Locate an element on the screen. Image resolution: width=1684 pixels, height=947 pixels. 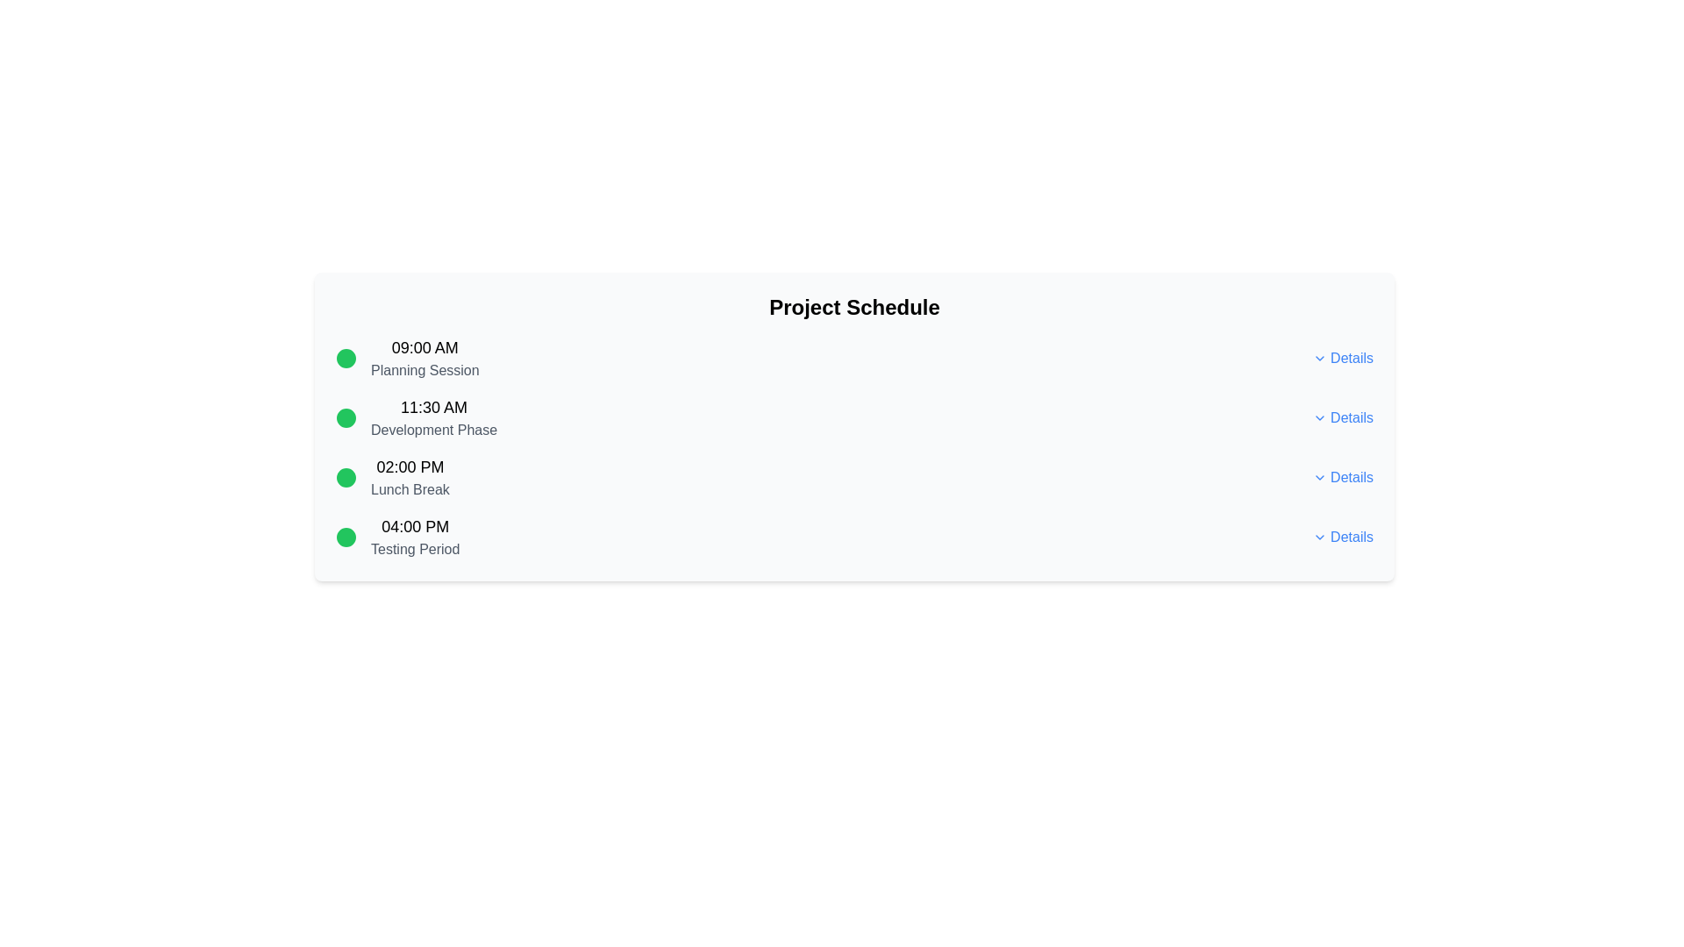
the static text label 'Development Phase' located directly beneath the '11:30 AM' text in the schedule list is located at coordinates (433, 430).